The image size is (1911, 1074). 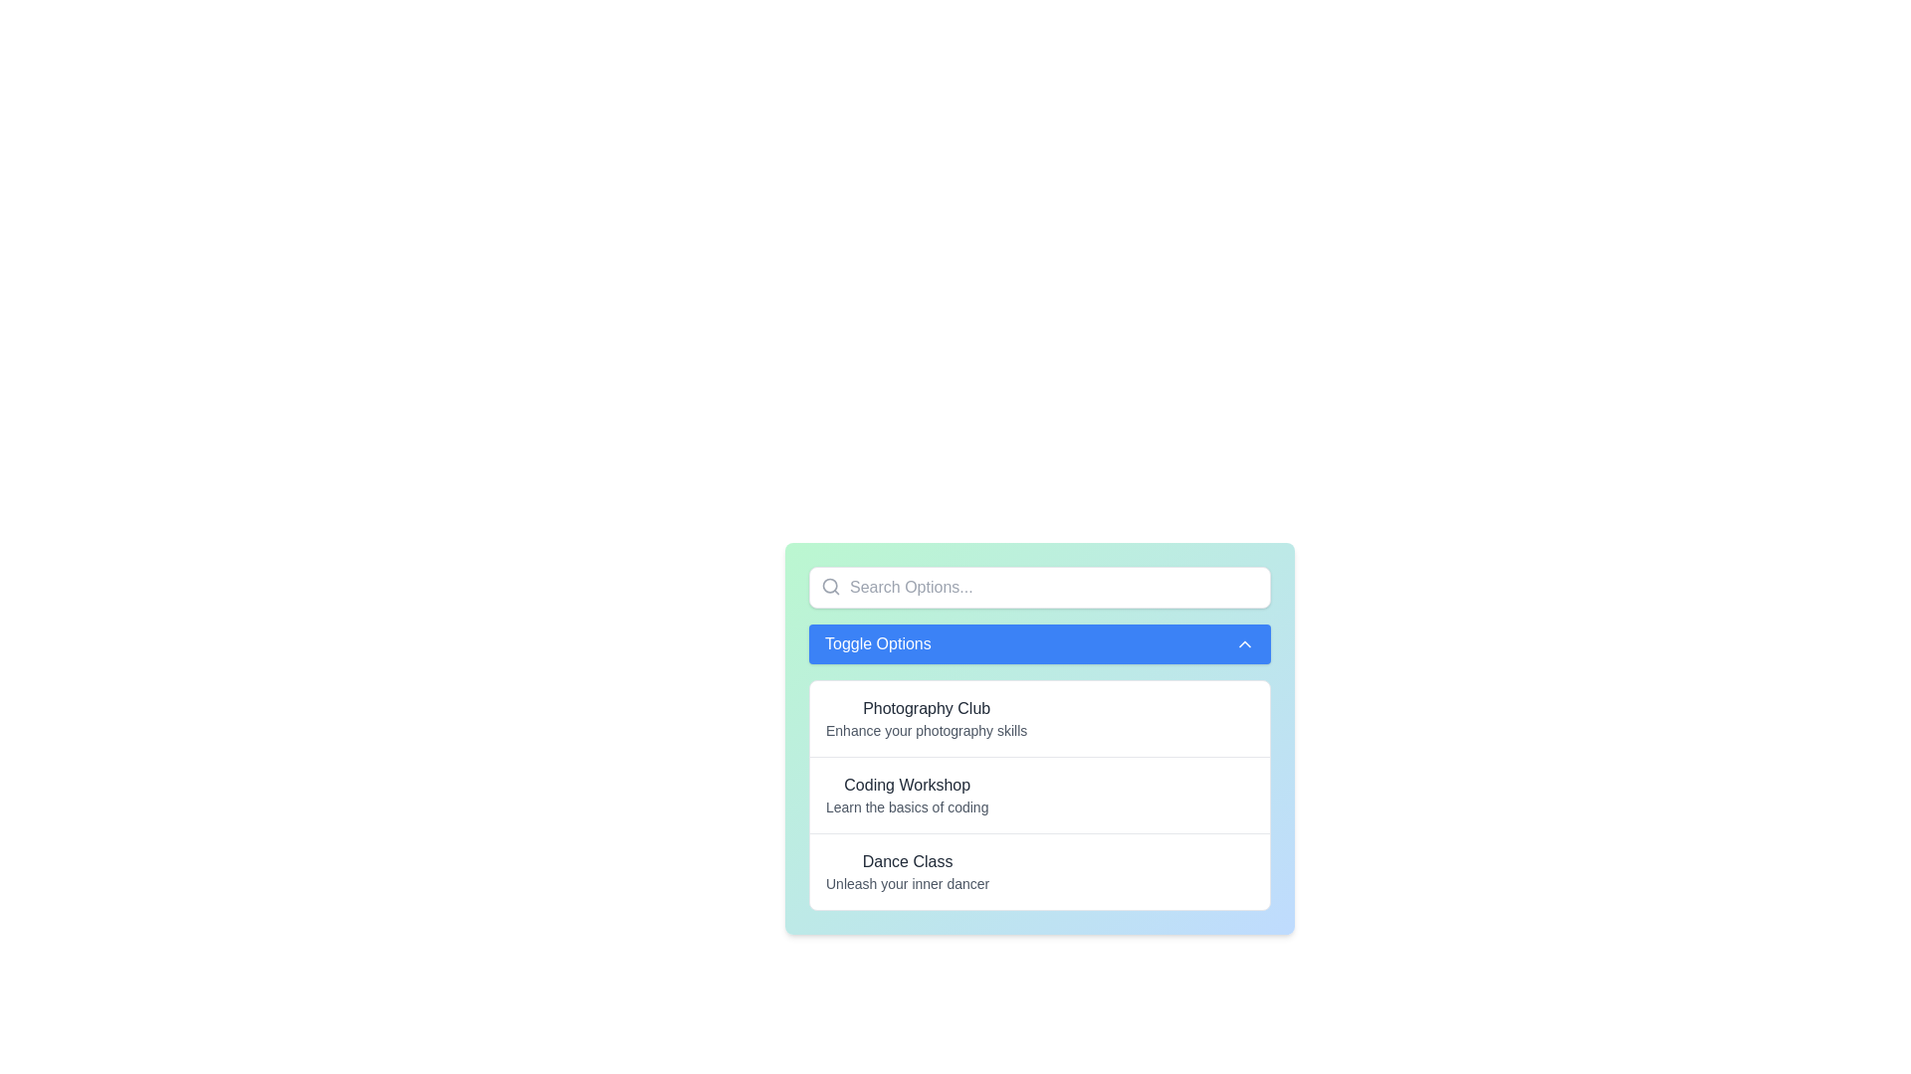 I want to click on the 'Coding Workshop' text label, which is a non-interactive element displayed in bold, dark gray font, located in the second section of the options list within the card interface, so click(x=906, y=785).